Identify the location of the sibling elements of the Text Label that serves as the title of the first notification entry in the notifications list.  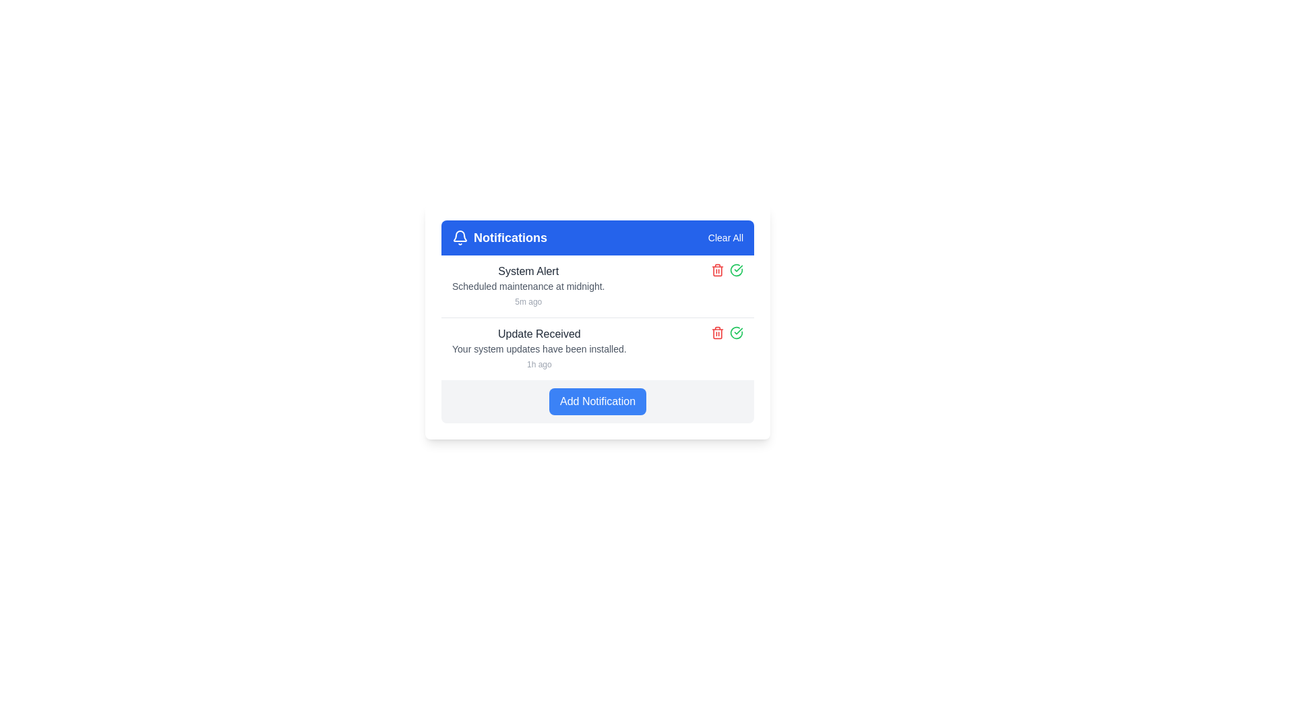
(528, 271).